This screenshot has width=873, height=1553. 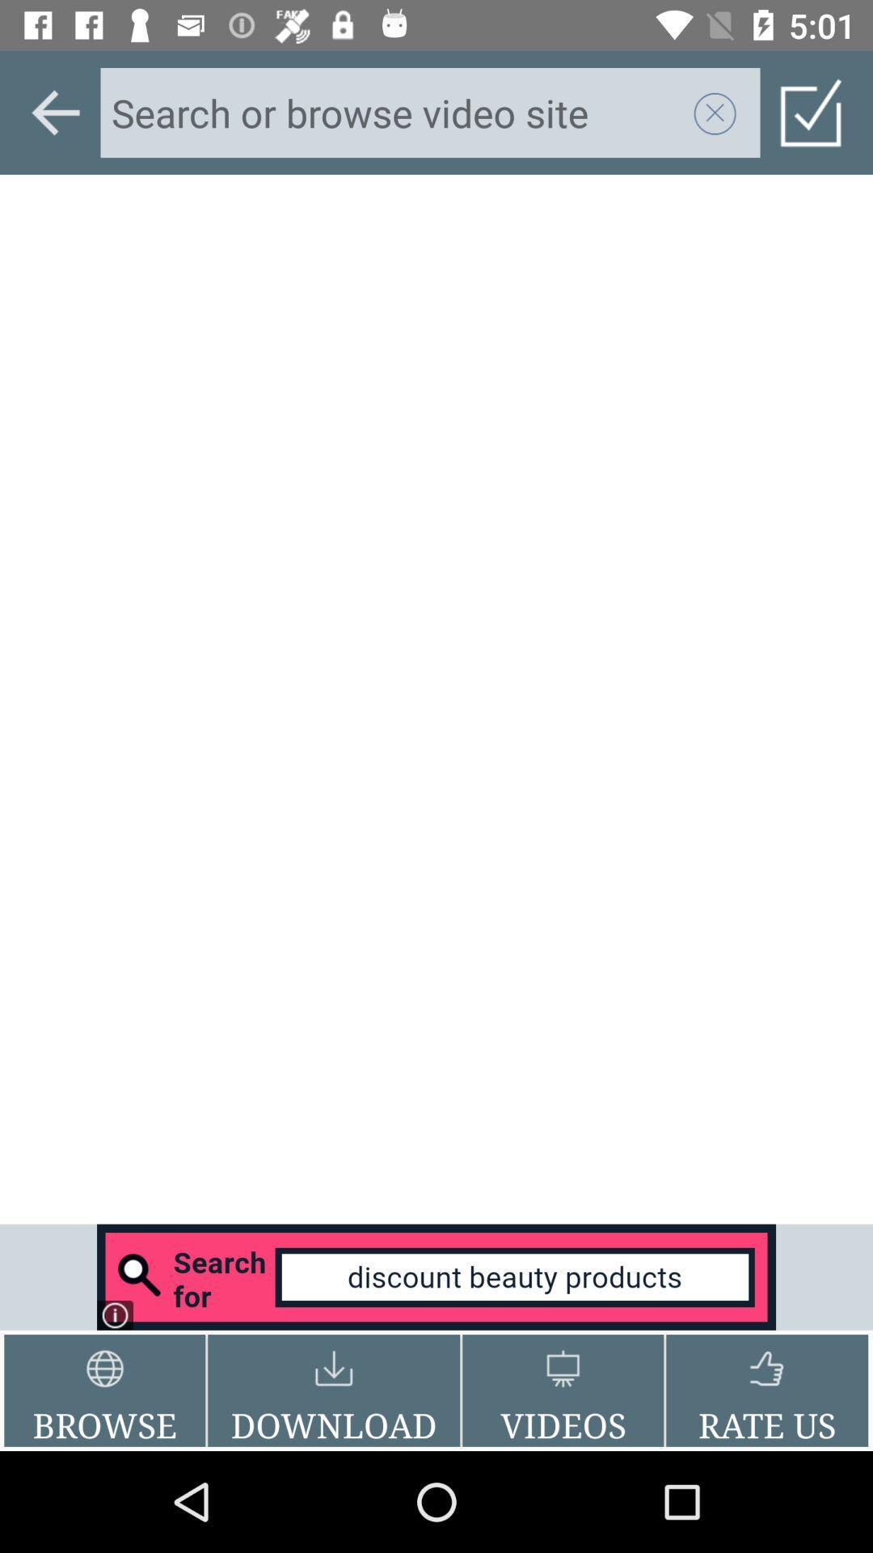 What do you see at coordinates (811, 112) in the screenshot?
I see `the check icon` at bounding box center [811, 112].